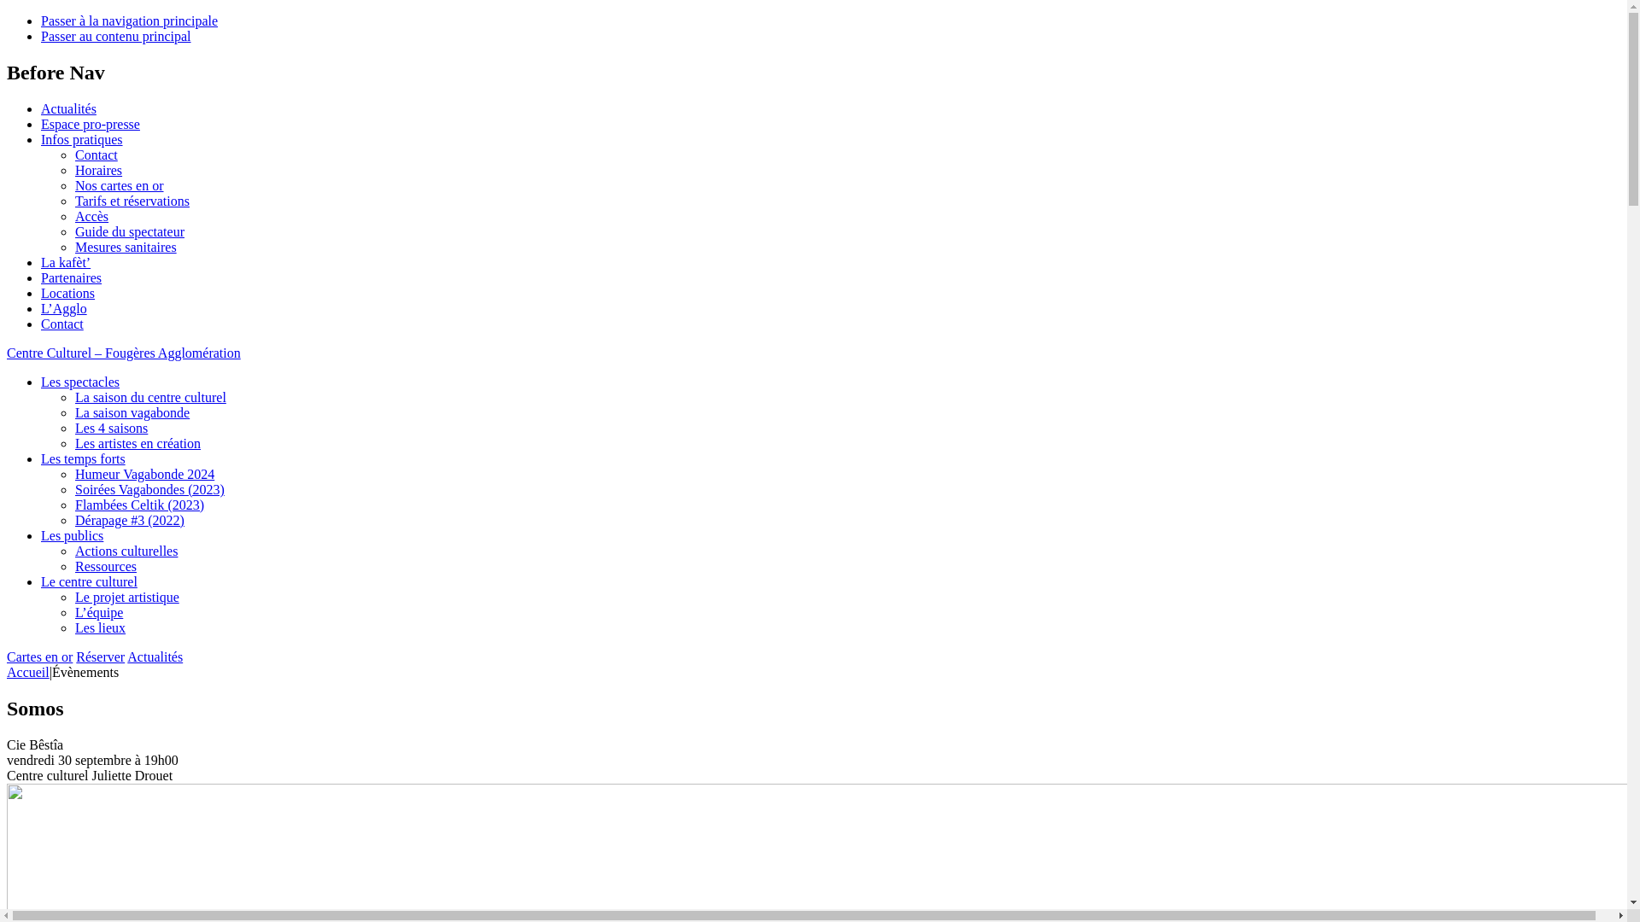  Describe the element at coordinates (114, 36) in the screenshot. I see `'Passer au contenu principal'` at that location.